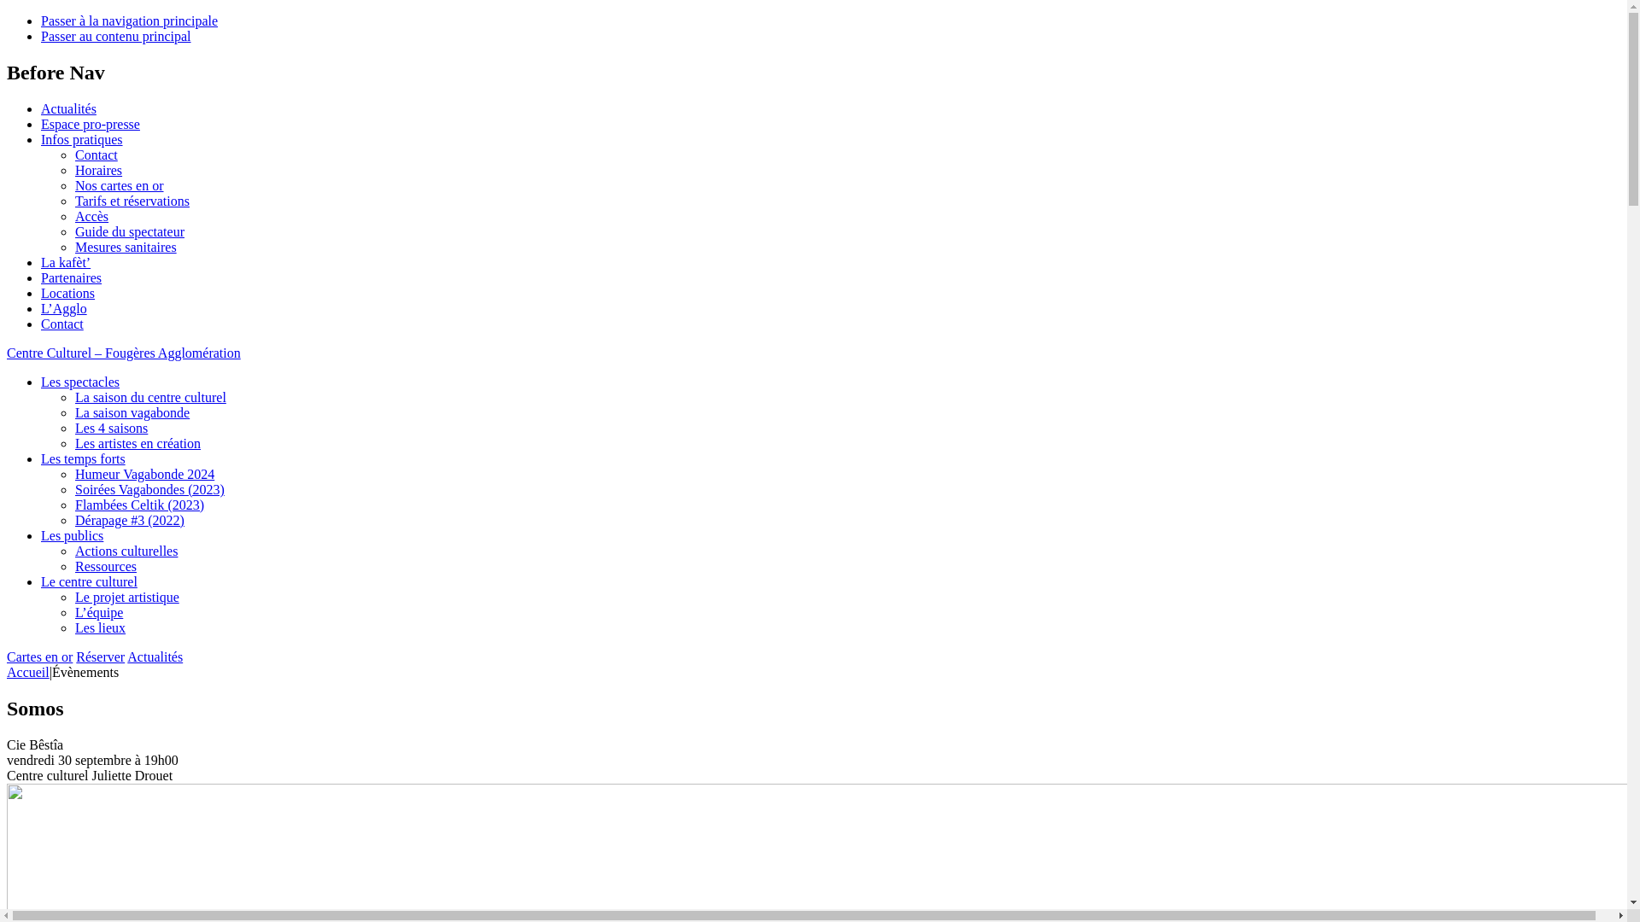  Describe the element at coordinates (114, 36) in the screenshot. I see `'Passer au contenu principal'` at that location.